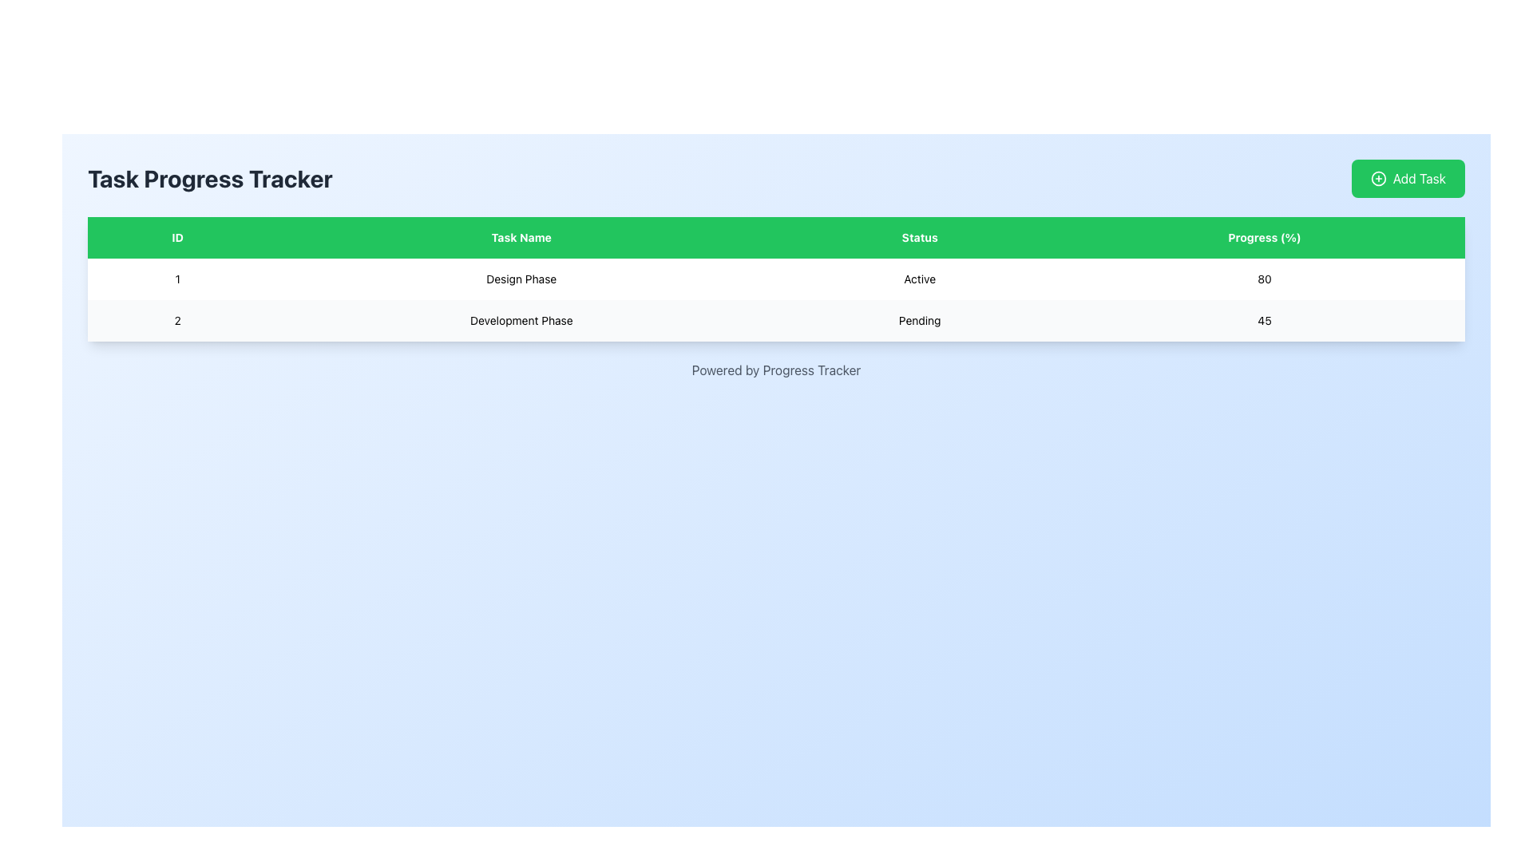 The height and width of the screenshot is (862, 1533). I want to click on static text from the first column of the first row in the table under the heading 'ID', which serves as a unique identifier for the entry, so click(177, 279).